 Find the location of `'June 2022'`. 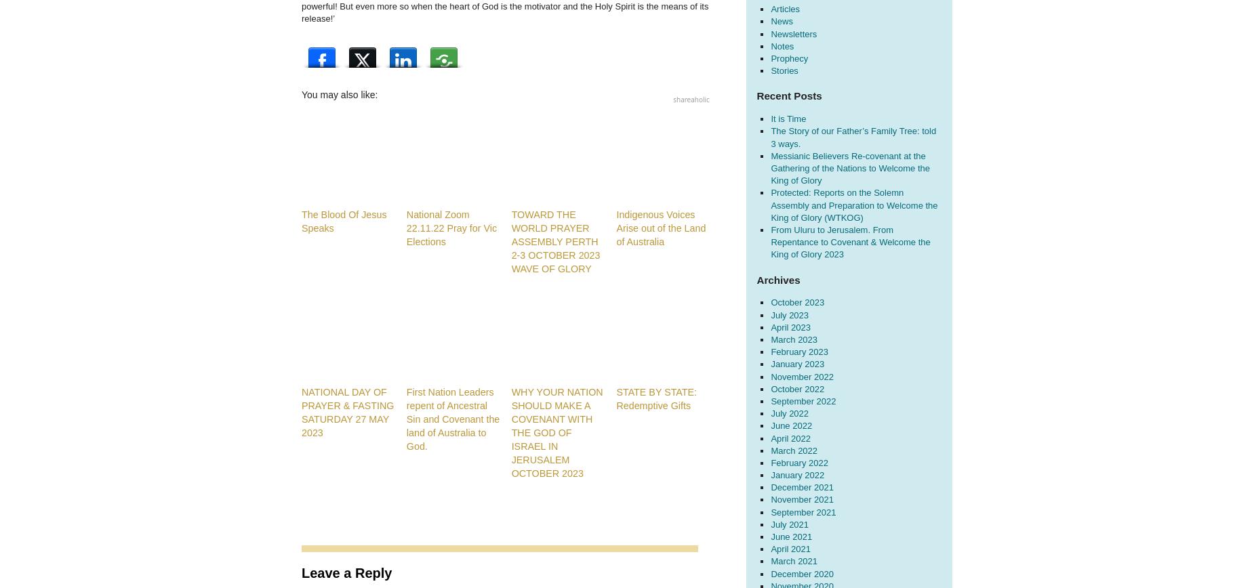

'June 2022' is located at coordinates (790, 425).